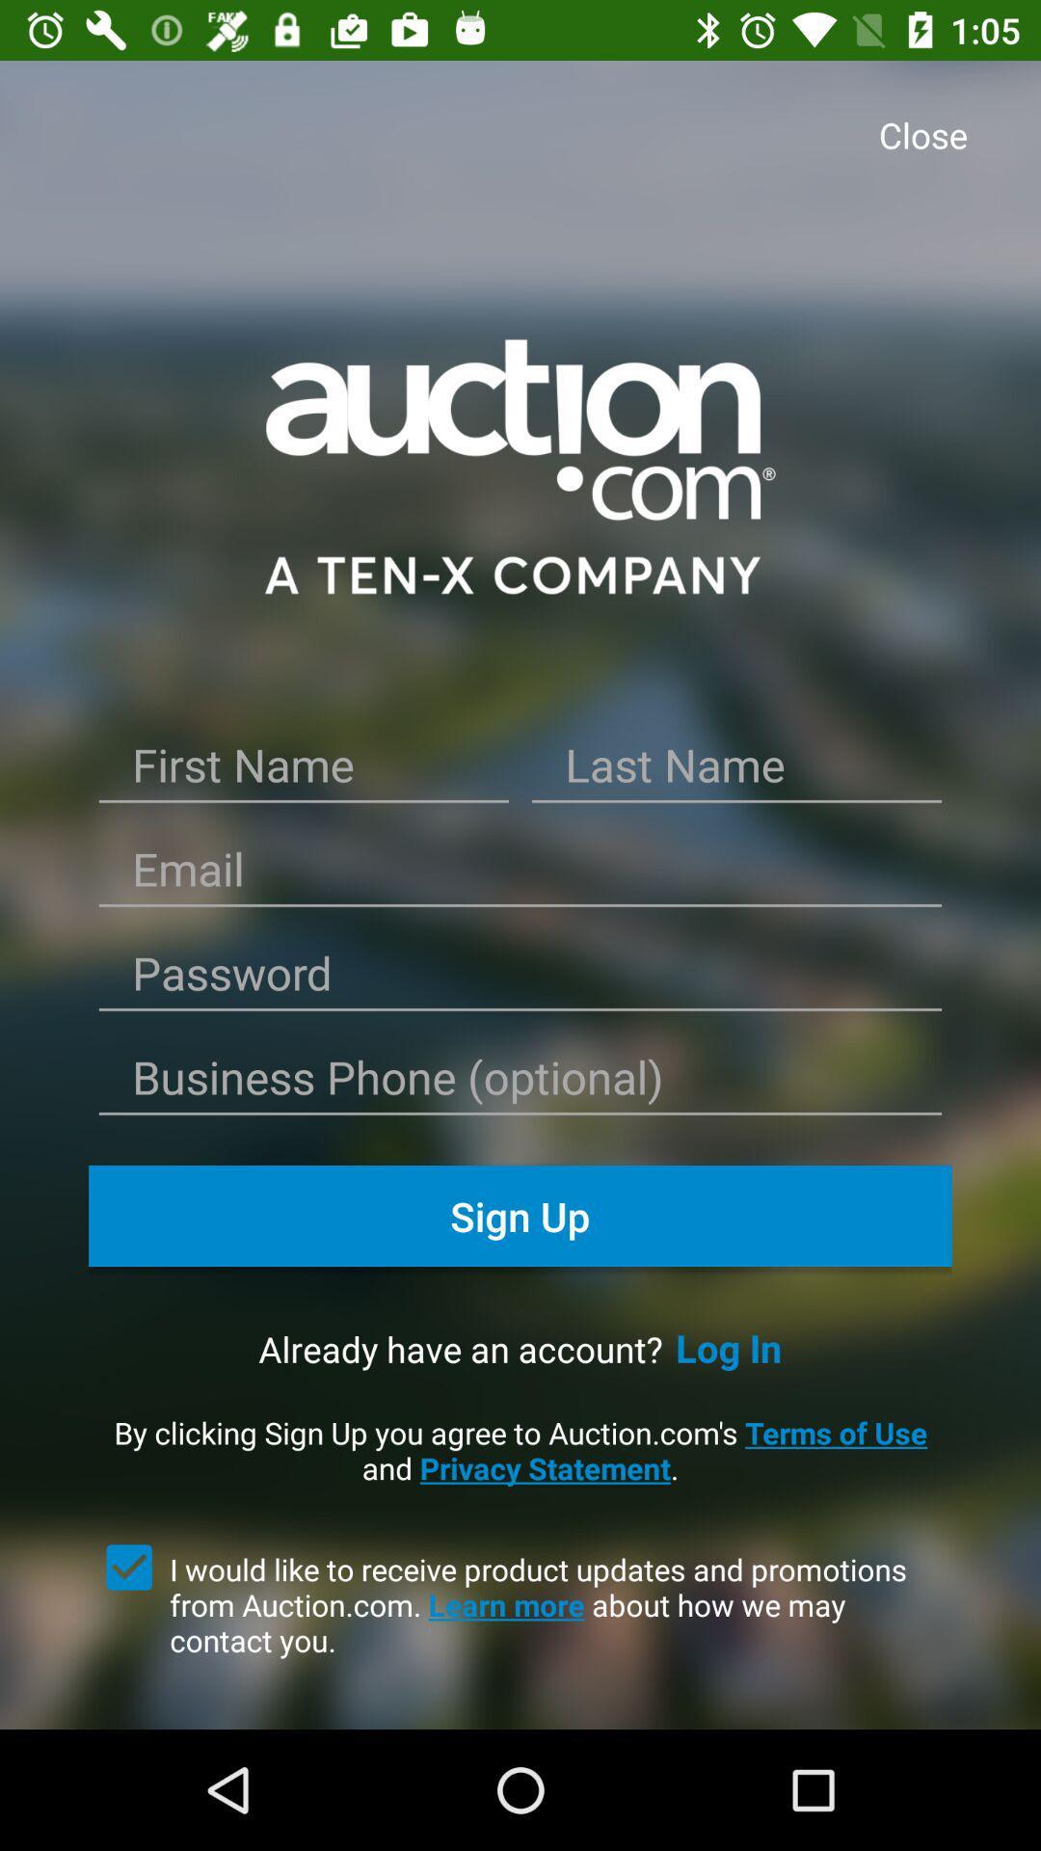  I want to click on the item below the log in item, so click(520, 1450).